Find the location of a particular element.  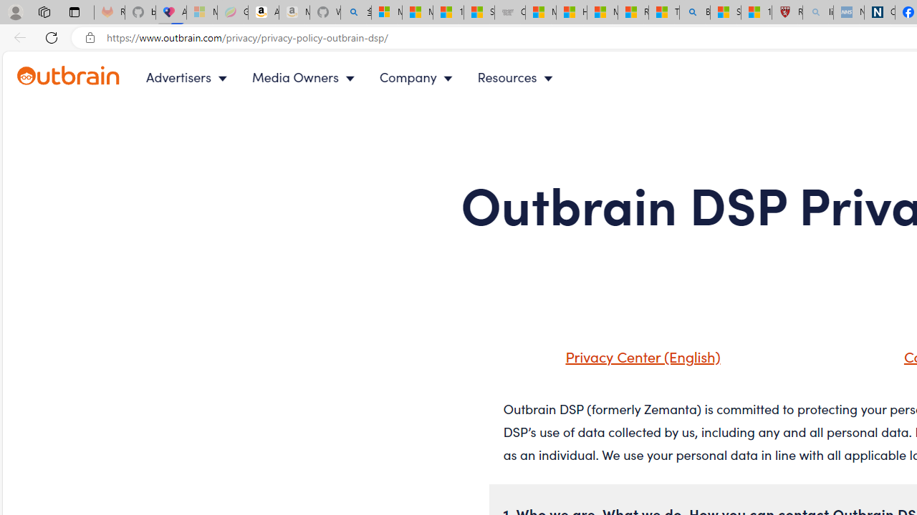

'Recipes - MSN' is located at coordinates (632, 12).